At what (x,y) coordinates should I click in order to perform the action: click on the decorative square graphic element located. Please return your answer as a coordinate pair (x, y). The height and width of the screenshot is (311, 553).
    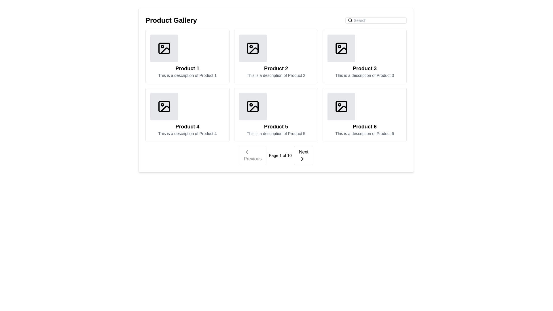
    Looking at the image, I should click on (341, 48).